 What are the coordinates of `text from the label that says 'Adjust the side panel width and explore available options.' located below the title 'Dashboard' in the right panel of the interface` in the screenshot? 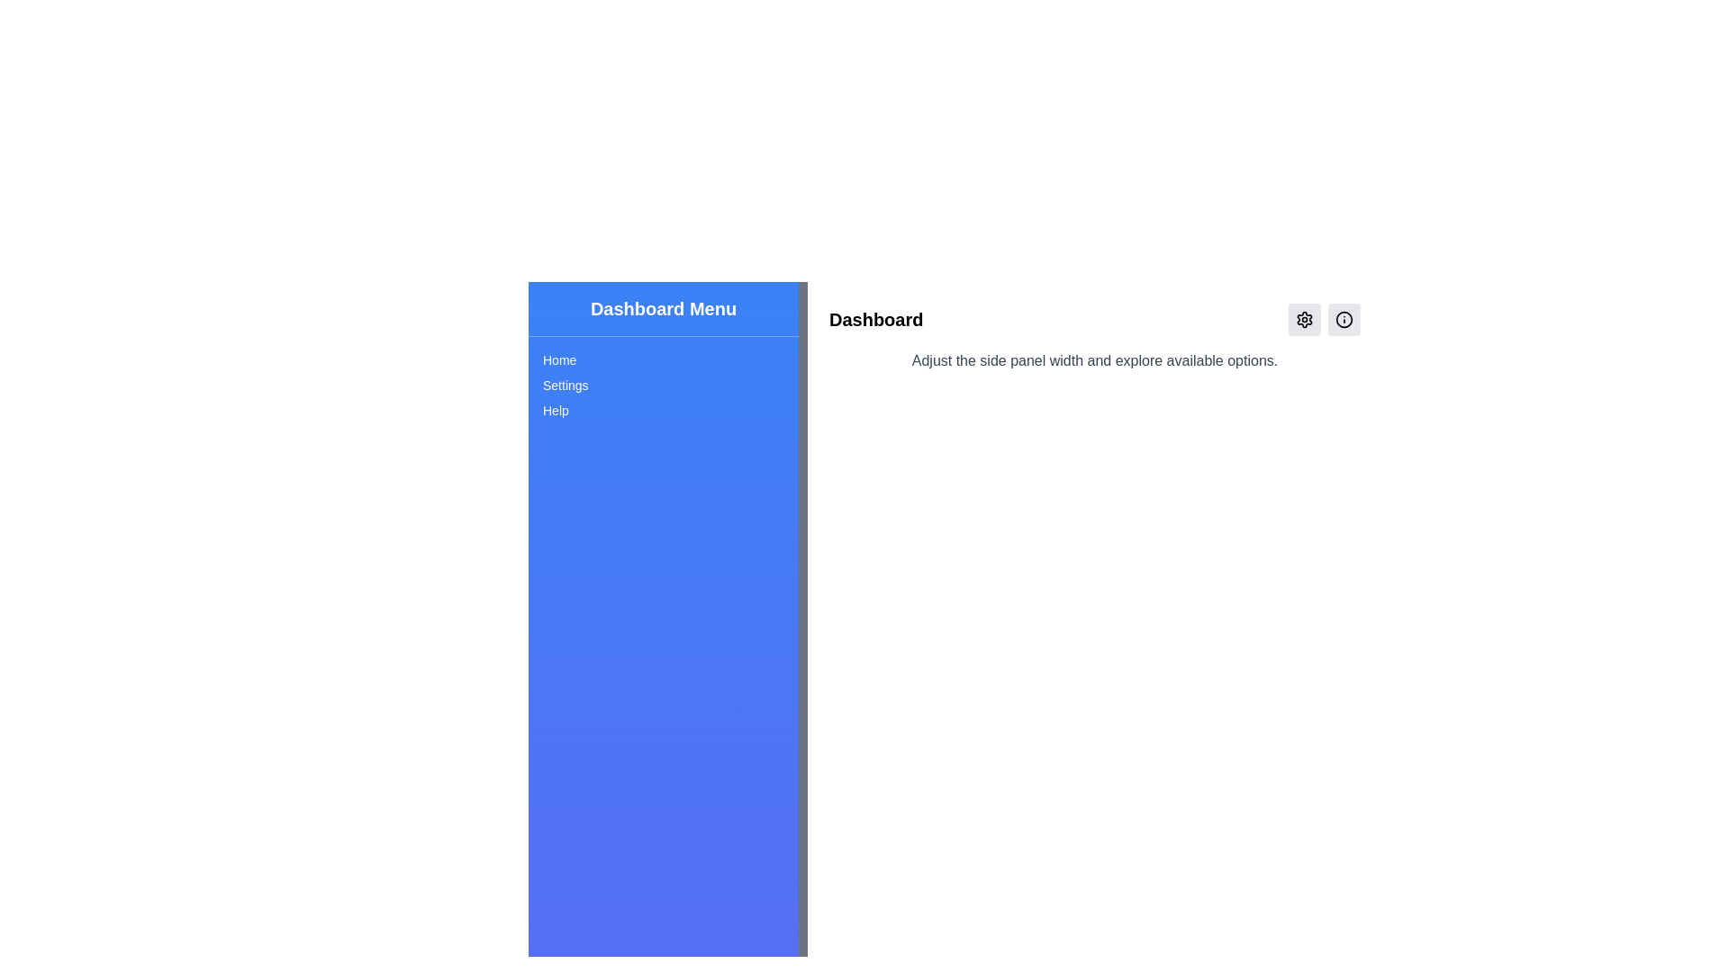 It's located at (1093, 361).